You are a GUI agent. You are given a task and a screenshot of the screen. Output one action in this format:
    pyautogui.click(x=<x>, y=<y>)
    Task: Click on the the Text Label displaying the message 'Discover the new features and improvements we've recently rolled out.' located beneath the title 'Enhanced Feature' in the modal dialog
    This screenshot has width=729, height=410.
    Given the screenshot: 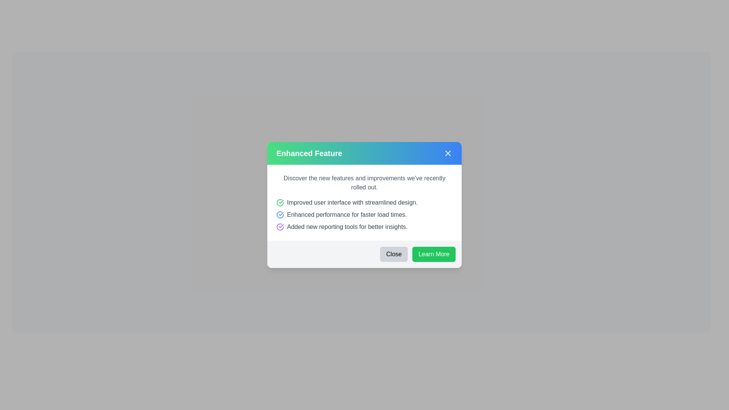 What is the action you would take?
    pyautogui.click(x=364, y=183)
    